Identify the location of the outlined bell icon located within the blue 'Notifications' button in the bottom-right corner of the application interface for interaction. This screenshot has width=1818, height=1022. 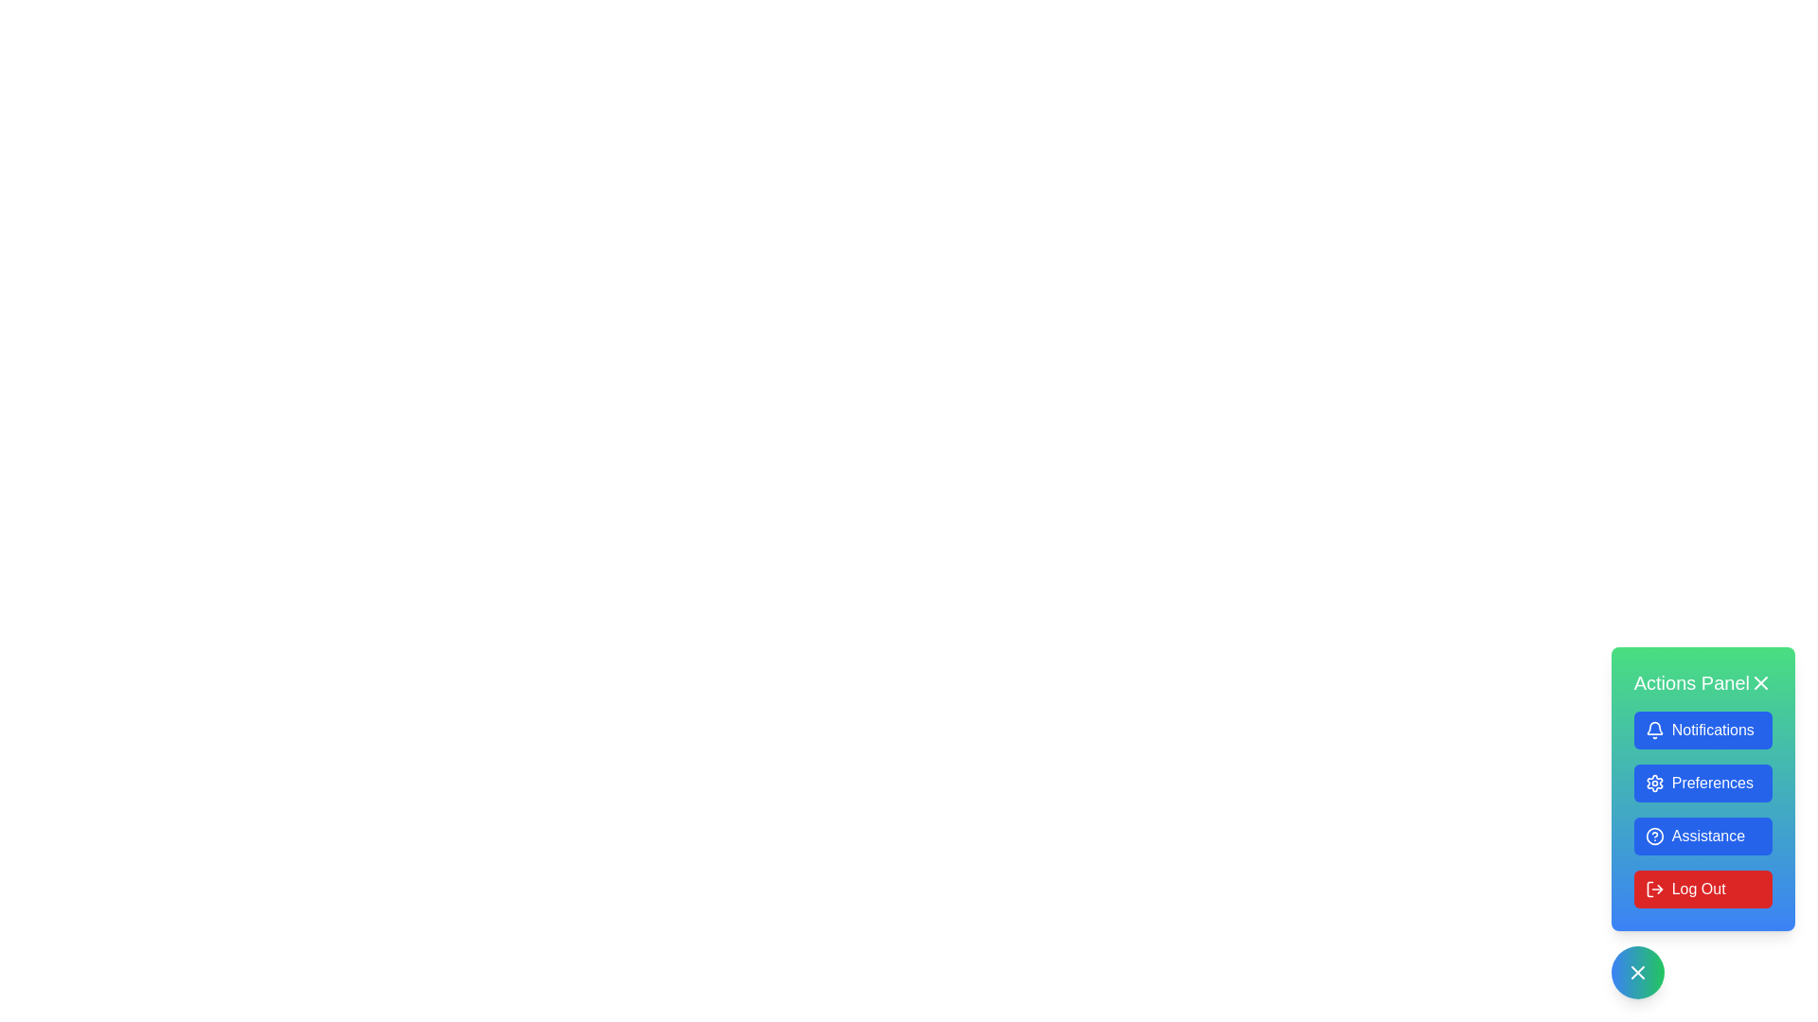
(1653, 729).